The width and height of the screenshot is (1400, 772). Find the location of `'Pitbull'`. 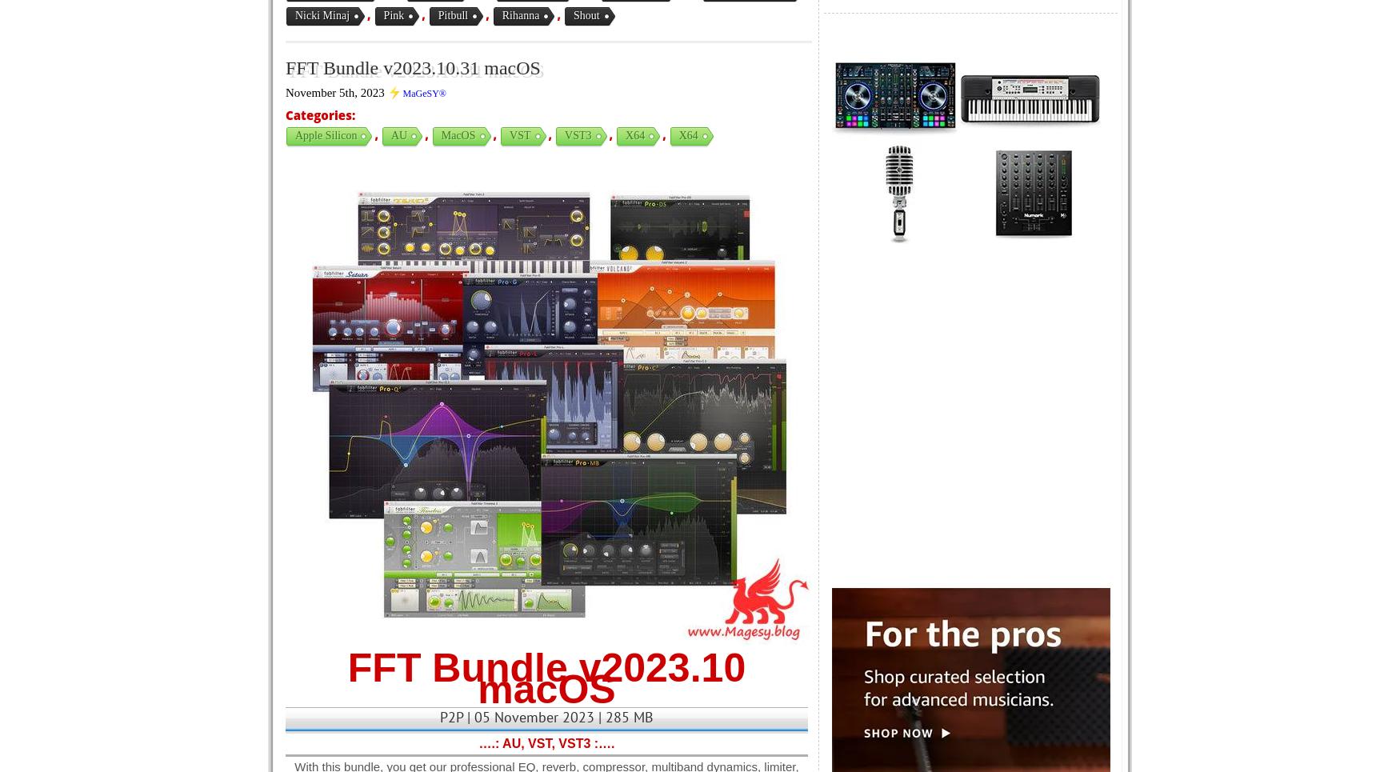

'Pitbull' is located at coordinates (452, 14).